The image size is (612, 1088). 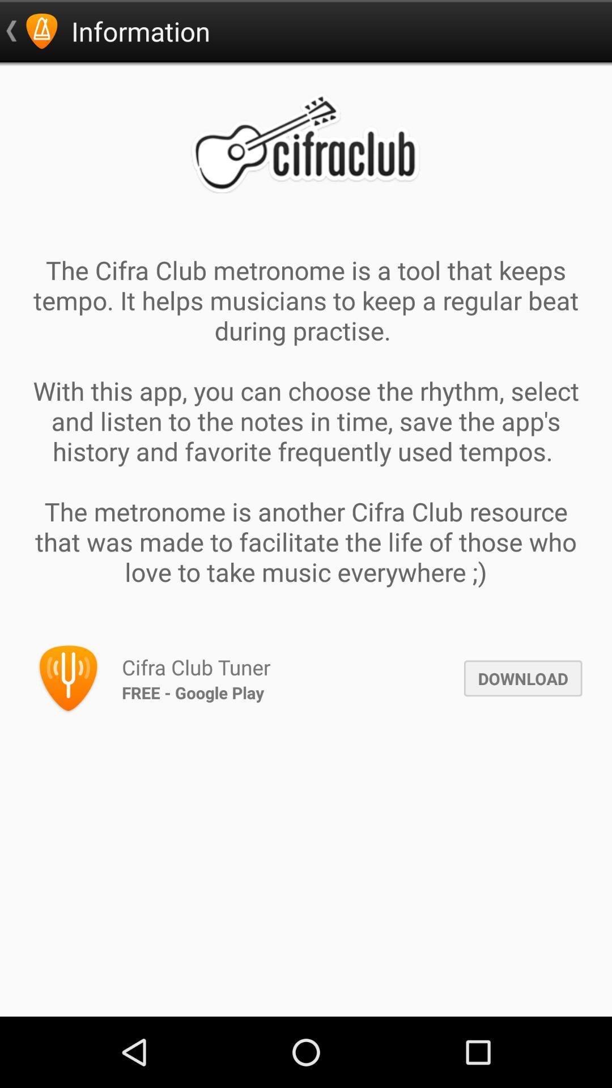 I want to click on the icon on the right, so click(x=523, y=678).